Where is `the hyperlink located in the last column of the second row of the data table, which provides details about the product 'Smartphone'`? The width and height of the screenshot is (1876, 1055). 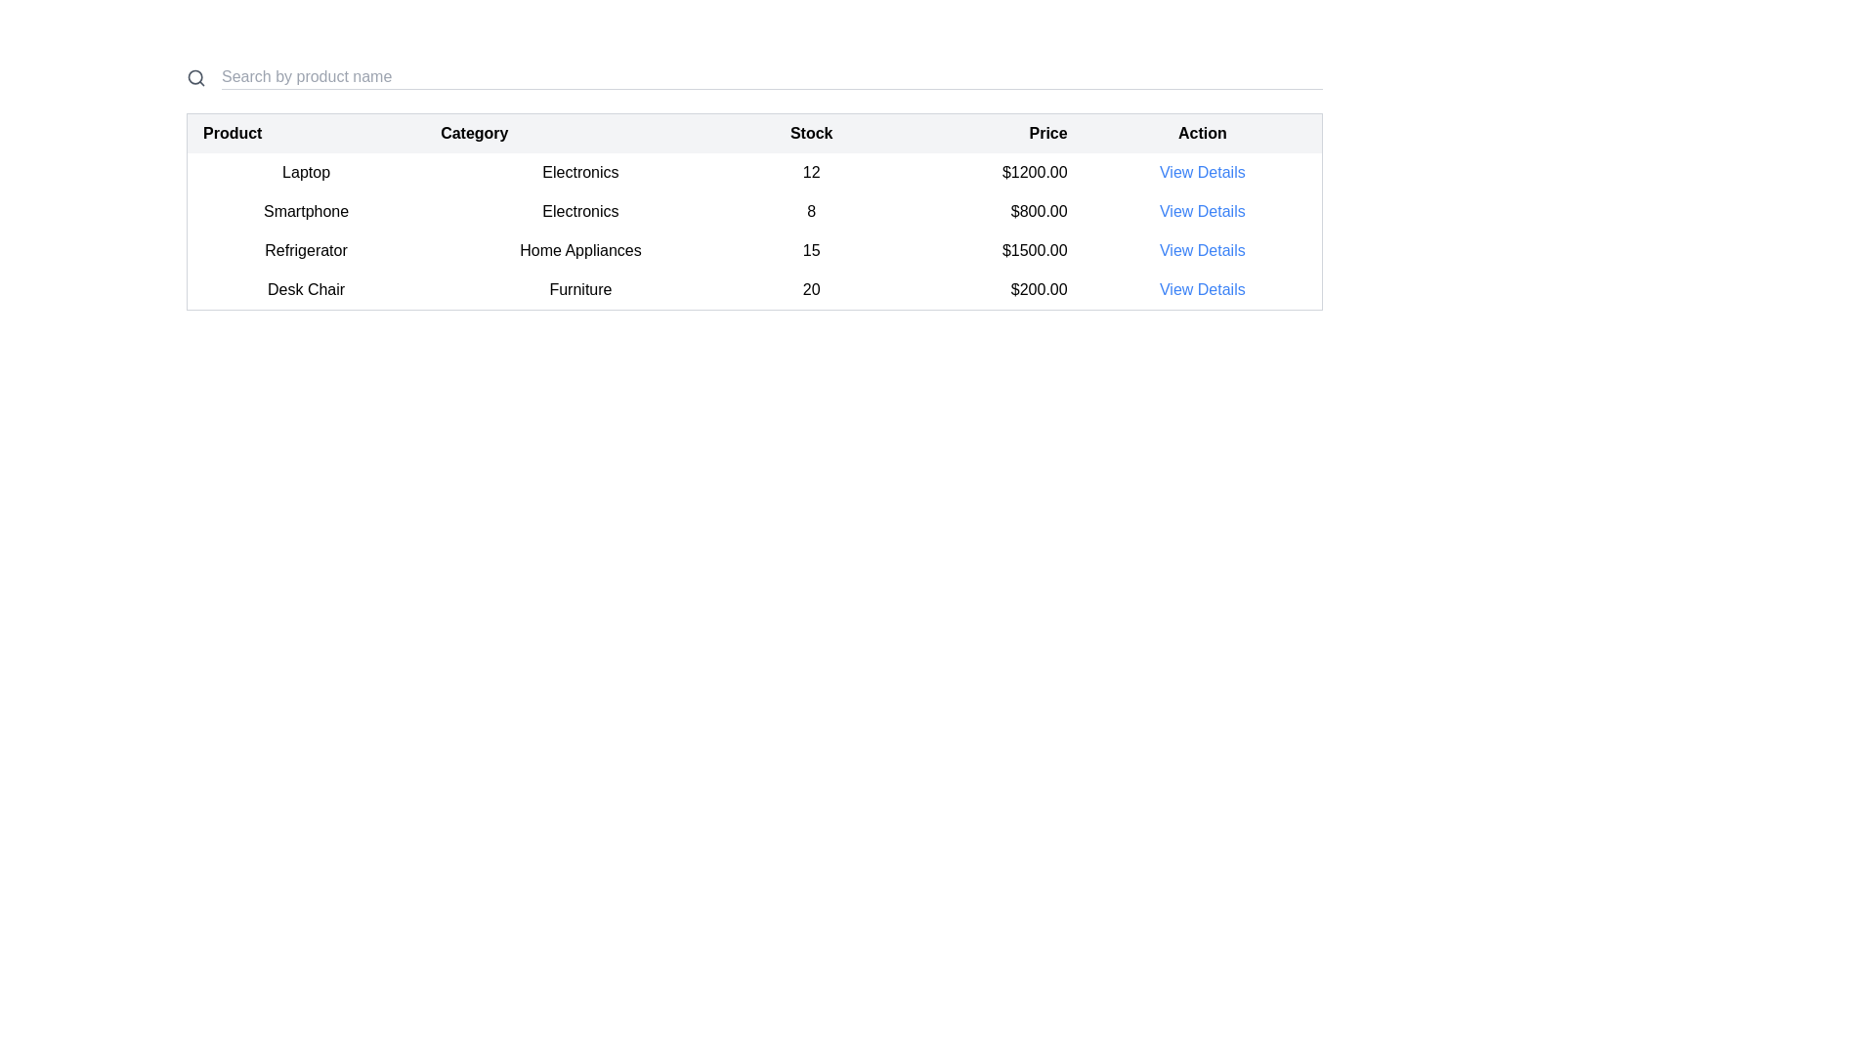 the hyperlink located in the last column of the second row of the data table, which provides details about the product 'Smartphone' is located at coordinates (1201, 211).